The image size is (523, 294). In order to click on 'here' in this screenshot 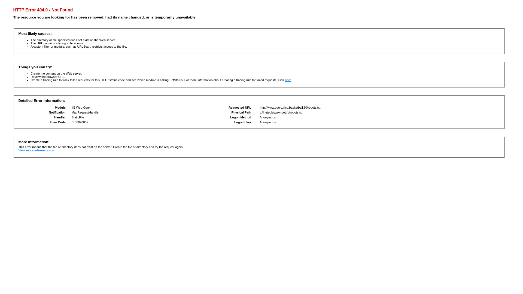, I will do `click(288, 80)`.